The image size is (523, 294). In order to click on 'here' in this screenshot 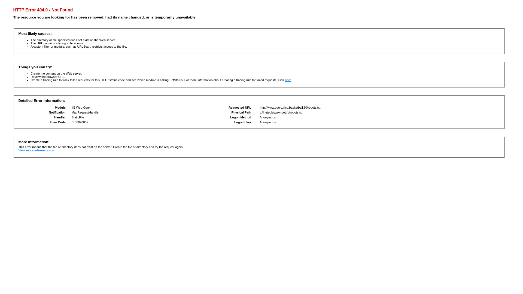, I will do `click(288, 80)`.